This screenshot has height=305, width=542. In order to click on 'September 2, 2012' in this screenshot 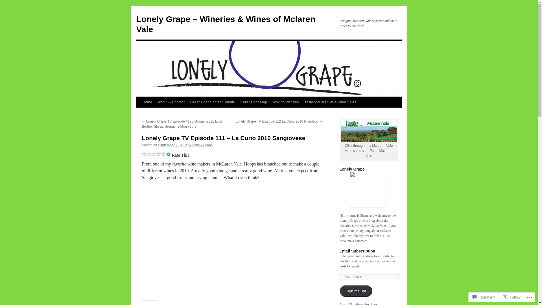, I will do `click(172, 145)`.